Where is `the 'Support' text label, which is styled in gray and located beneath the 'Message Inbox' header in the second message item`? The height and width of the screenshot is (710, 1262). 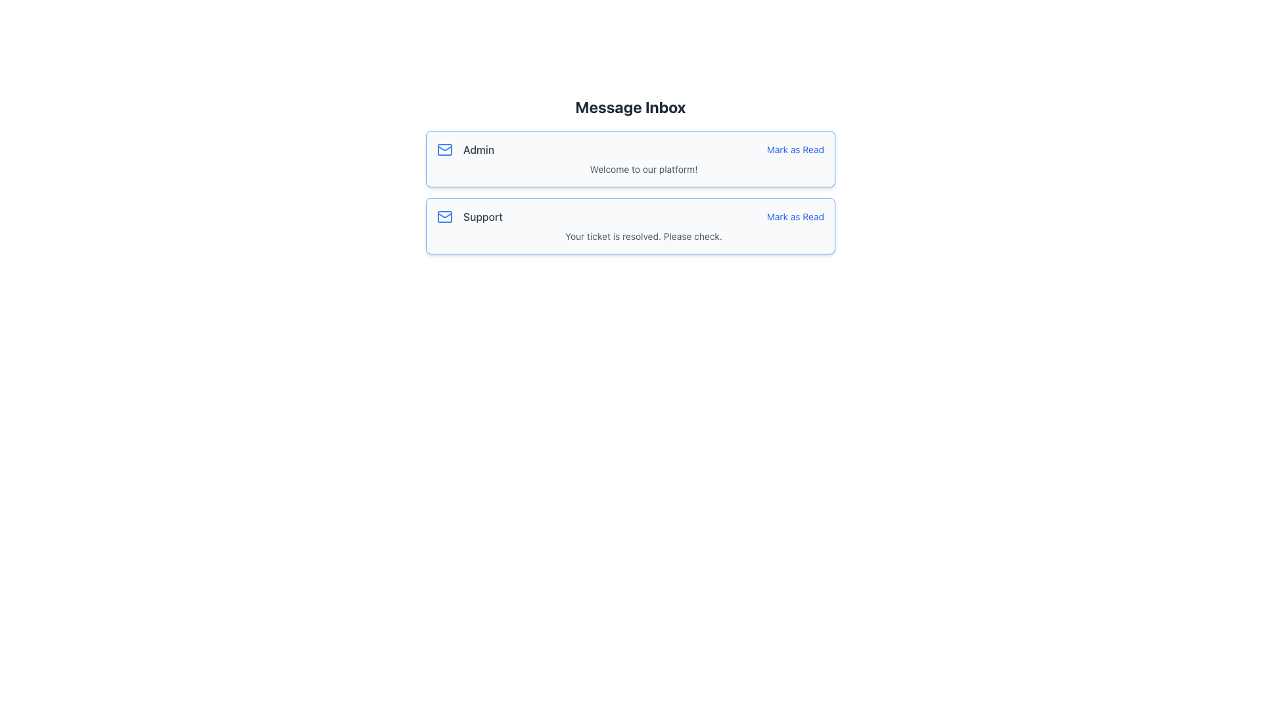 the 'Support' text label, which is styled in gray and located beneath the 'Message Inbox' header in the second message item is located at coordinates (482, 216).